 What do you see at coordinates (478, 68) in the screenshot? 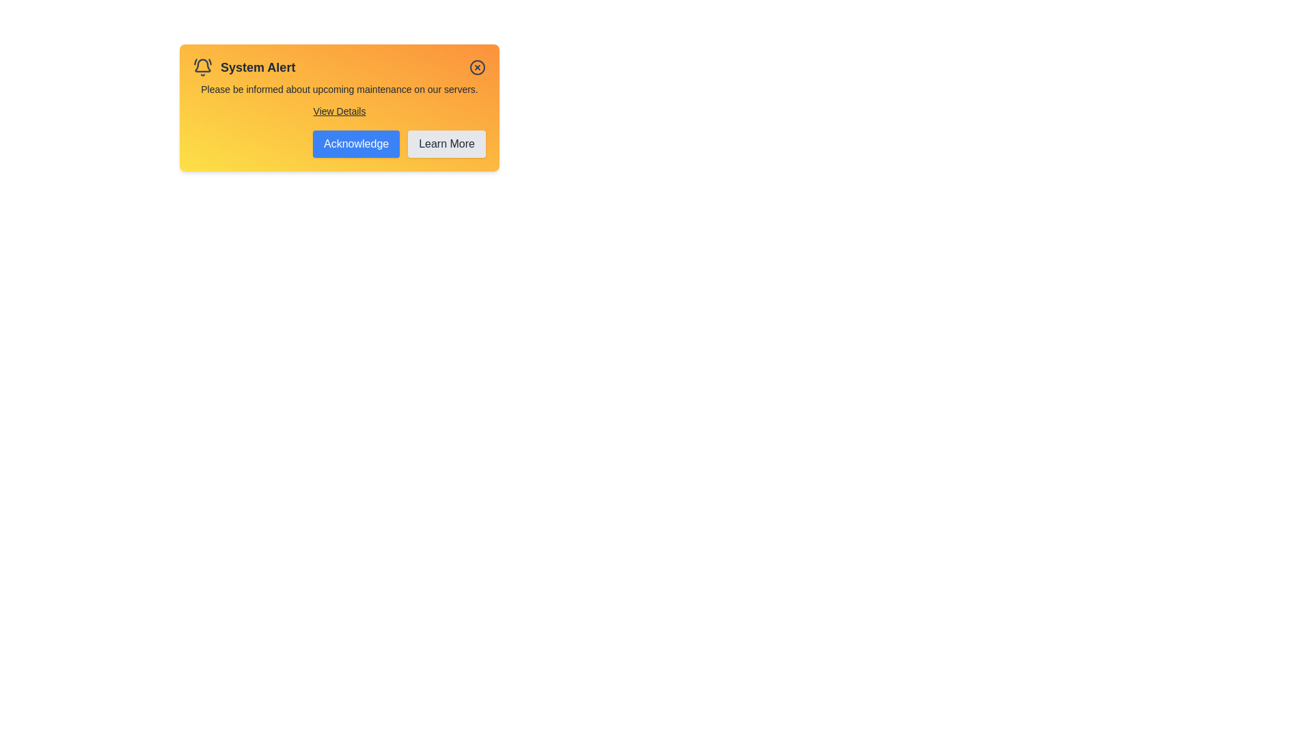
I see `the close button to dismiss the notification card` at bounding box center [478, 68].